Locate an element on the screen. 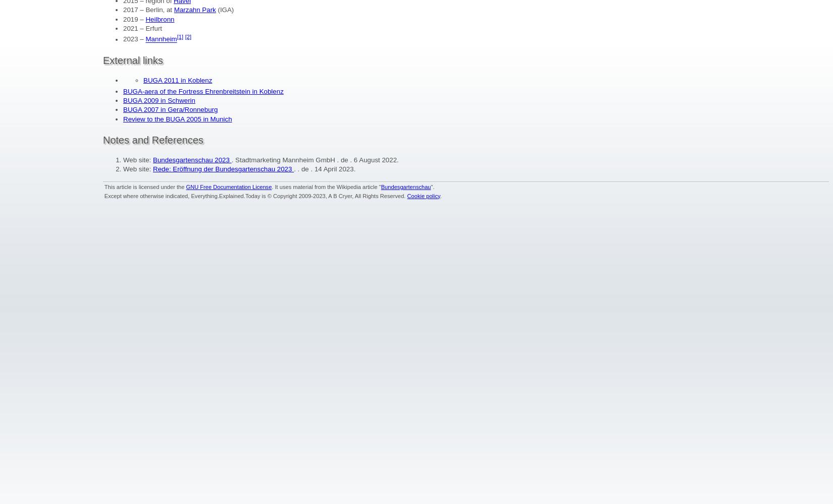 This screenshot has width=833, height=504. 'External links' is located at coordinates (102, 60).